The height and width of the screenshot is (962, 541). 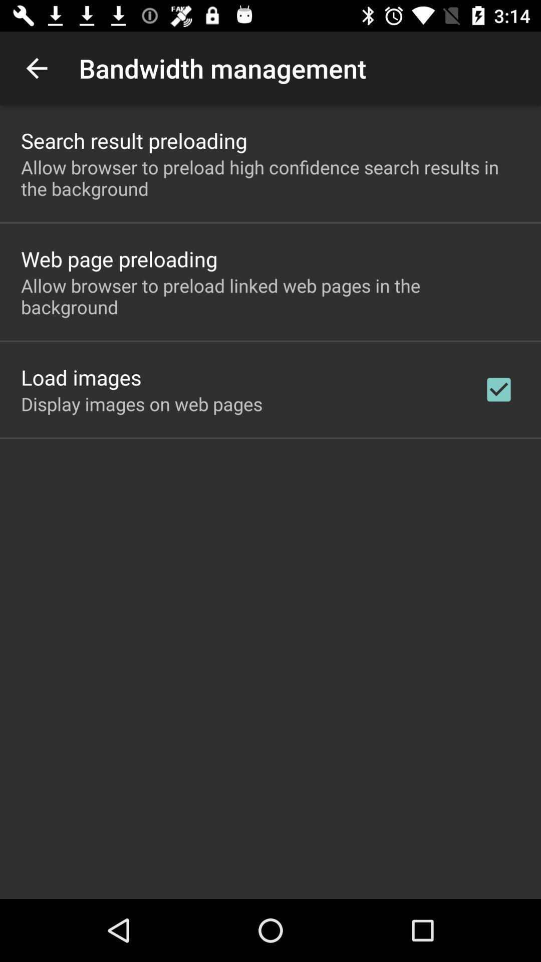 I want to click on the item below allow browser to icon, so click(x=119, y=259).